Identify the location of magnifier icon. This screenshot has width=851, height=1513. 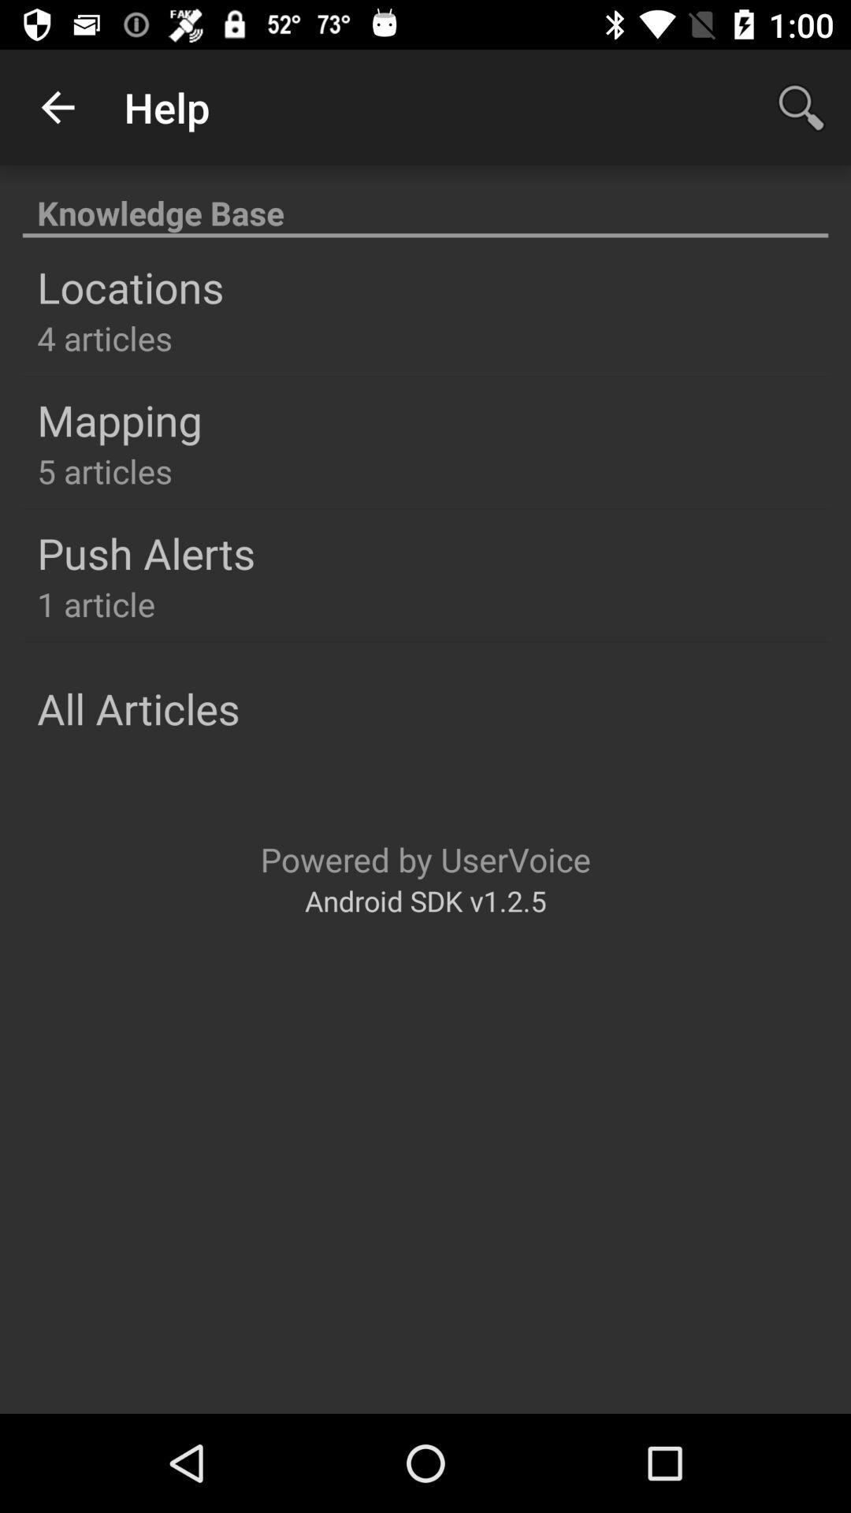
(801, 107).